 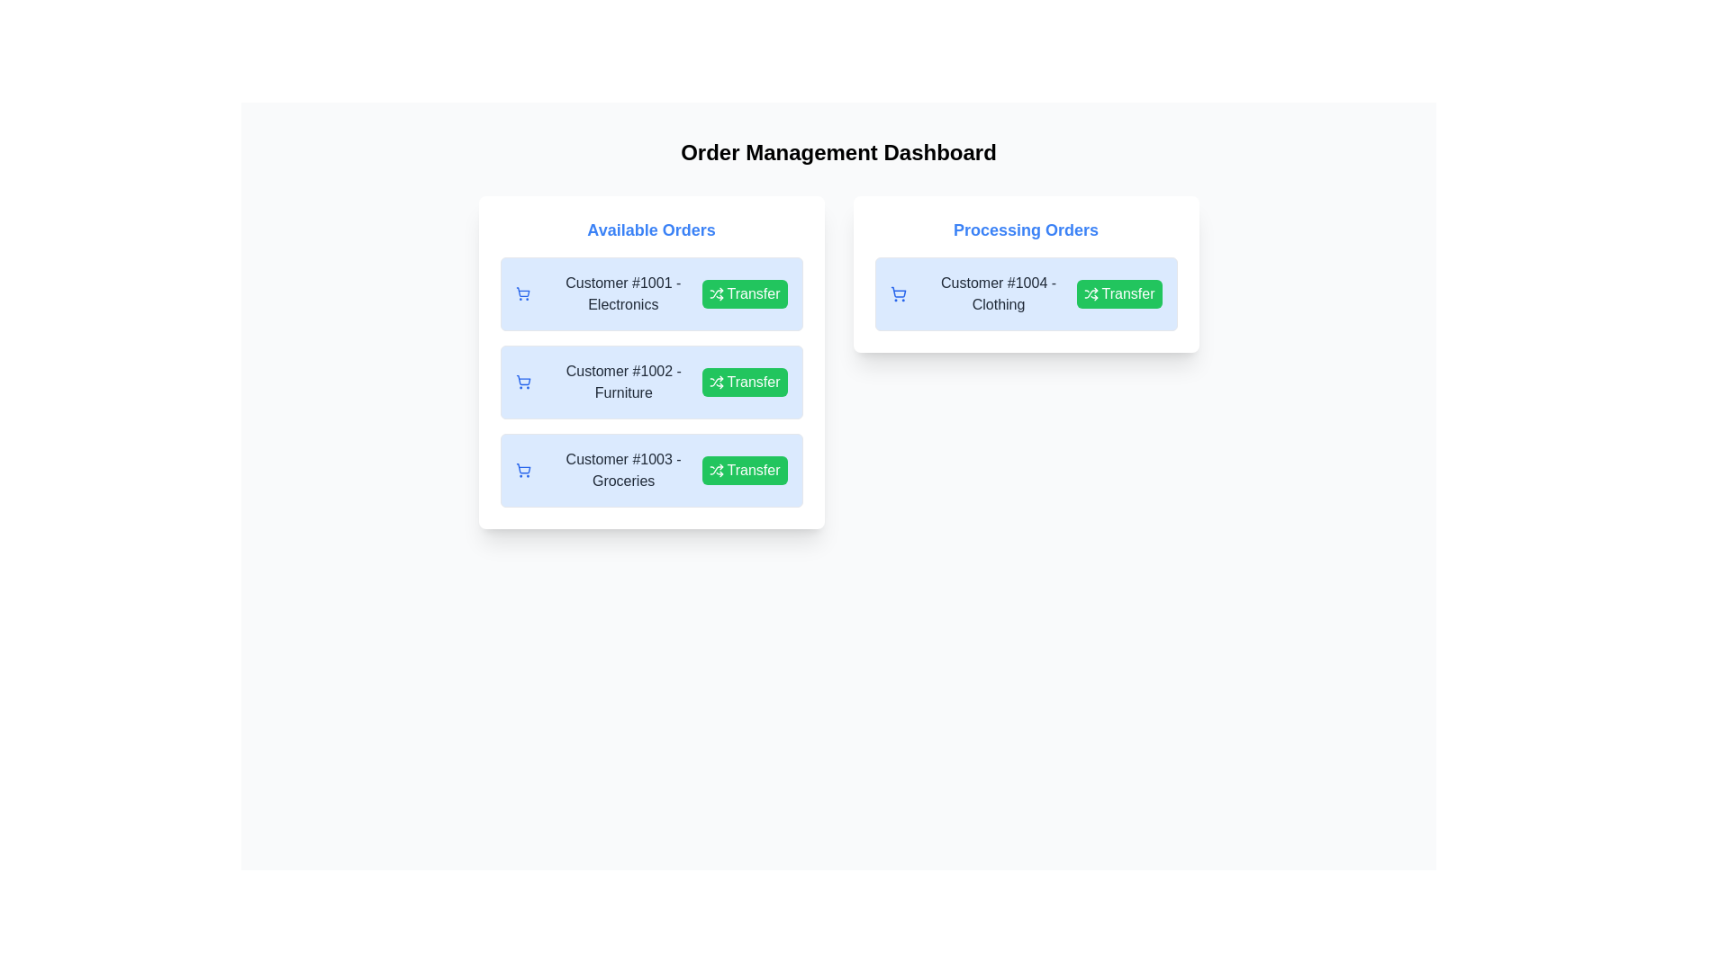 I want to click on the Text Label that identifies the order labeled 'Customer #1003' for 'Groceries', which is the third entry in the 'Available Orders' column, so click(x=609, y=470).